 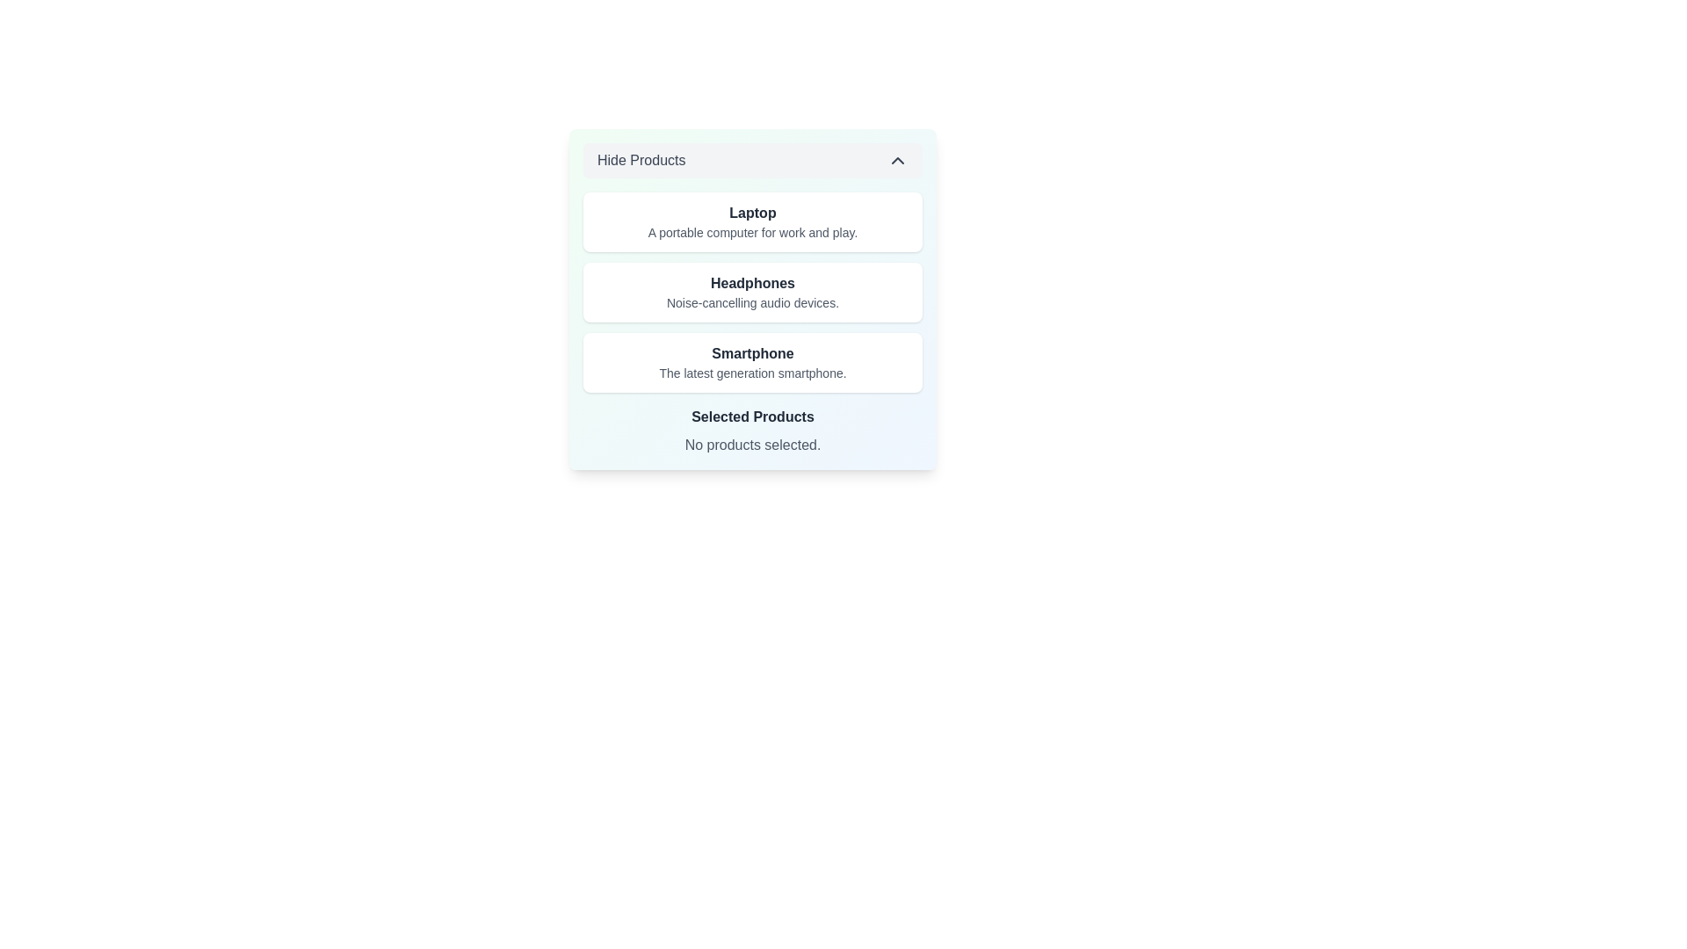 What do you see at coordinates (753, 444) in the screenshot?
I see `the text label displaying 'No products selected.' which is in a smaller, gray-colored font and located directly below 'Selected Products'` at bounding box center [753, 444].